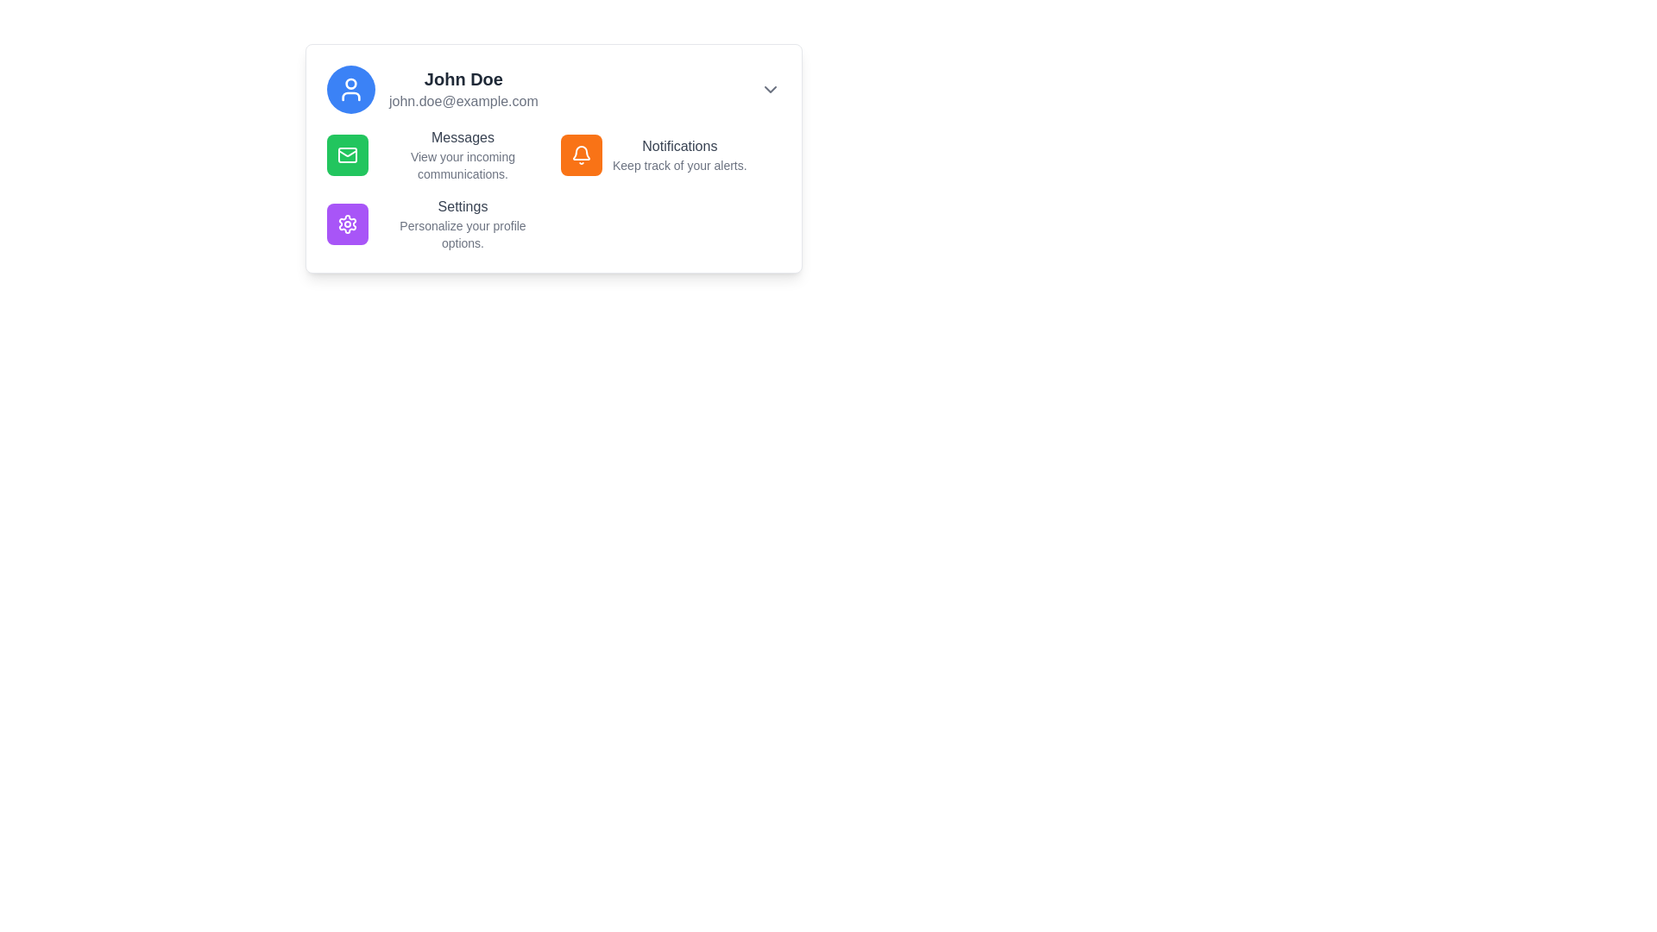 The height and width of the screenshot is (932, 1657). What do you see at coordinates (347, 223) in the screenshot?
I see `the purple rounded button with a white gear icon at its center` at bounding box center [347, 223].